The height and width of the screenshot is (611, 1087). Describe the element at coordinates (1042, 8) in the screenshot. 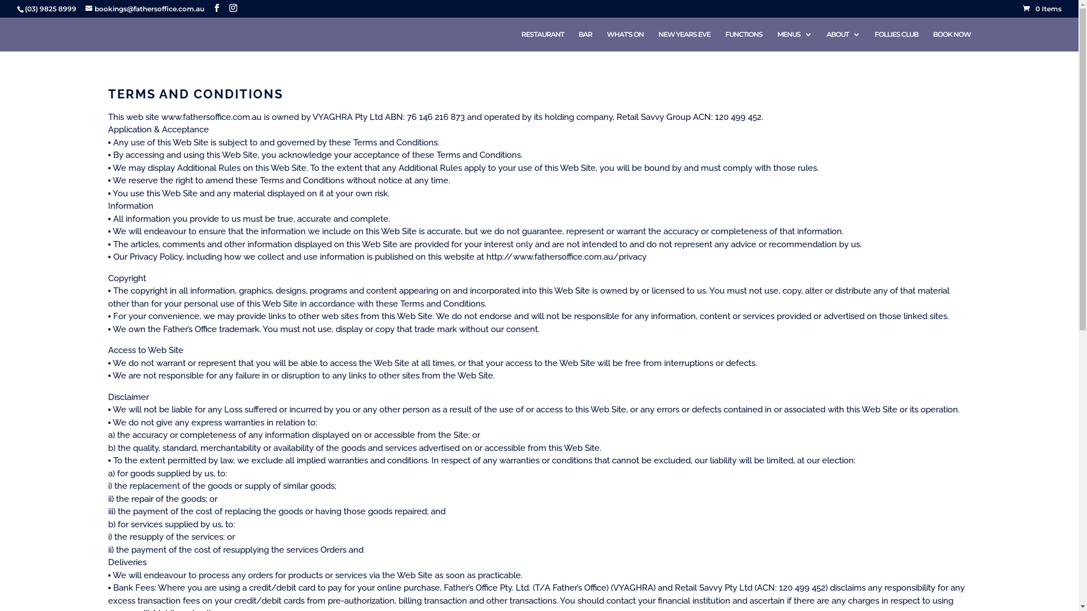

I see `'0 Items'` at that location.